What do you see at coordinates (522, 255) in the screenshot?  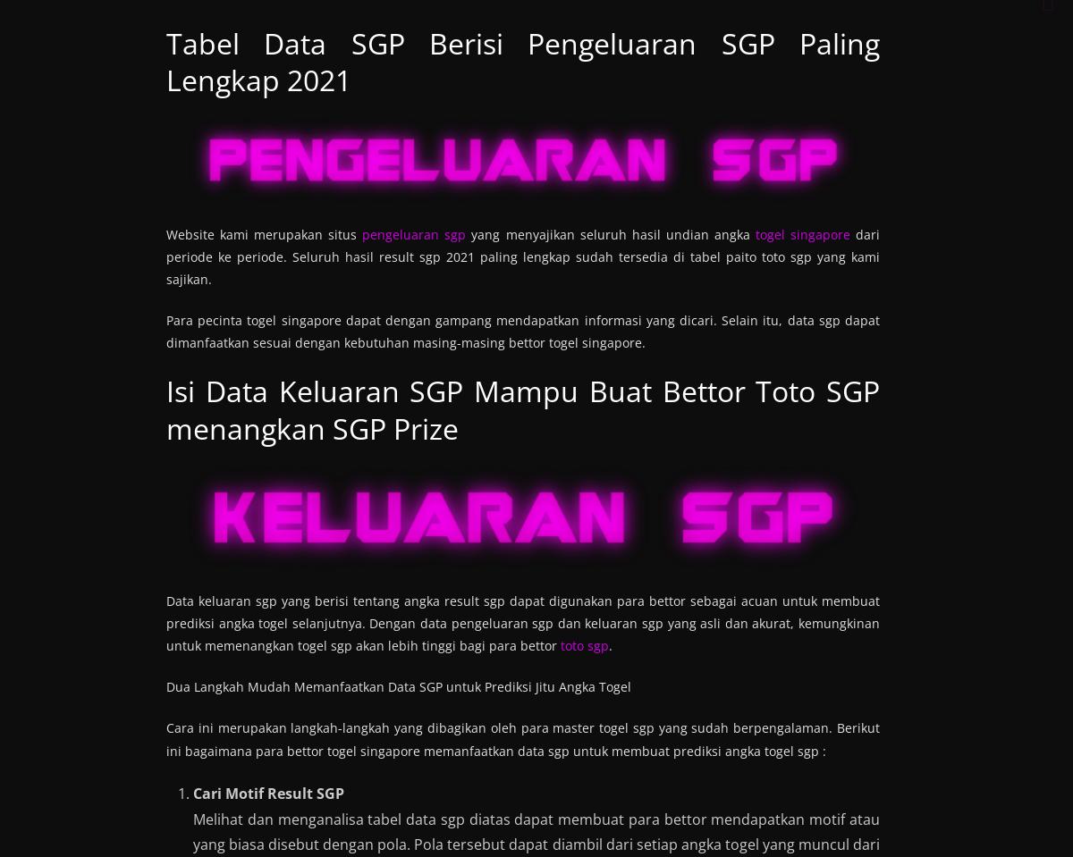 I see `'dari periode ke periode. Seluruh hasil result sgp 2021 paling lengkap sudah tersedia di tabel paito toto sgp yang kami sajikan.'` at bounding box center [522, 255].